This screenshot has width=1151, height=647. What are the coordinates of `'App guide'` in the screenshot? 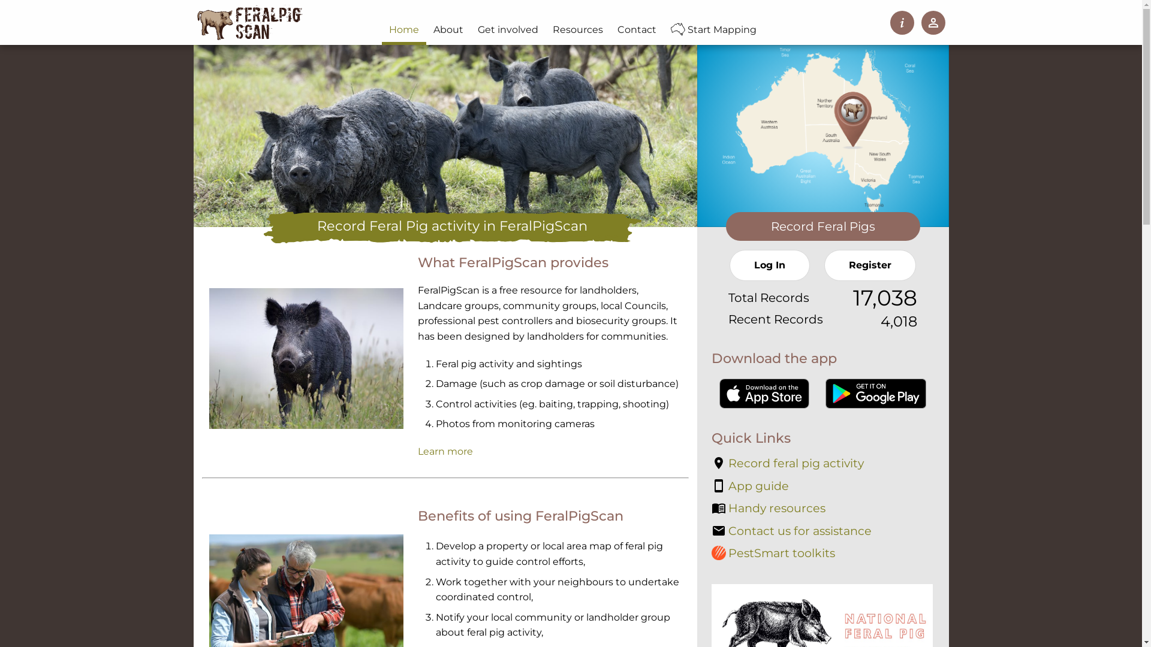 It's located at (749, 486).